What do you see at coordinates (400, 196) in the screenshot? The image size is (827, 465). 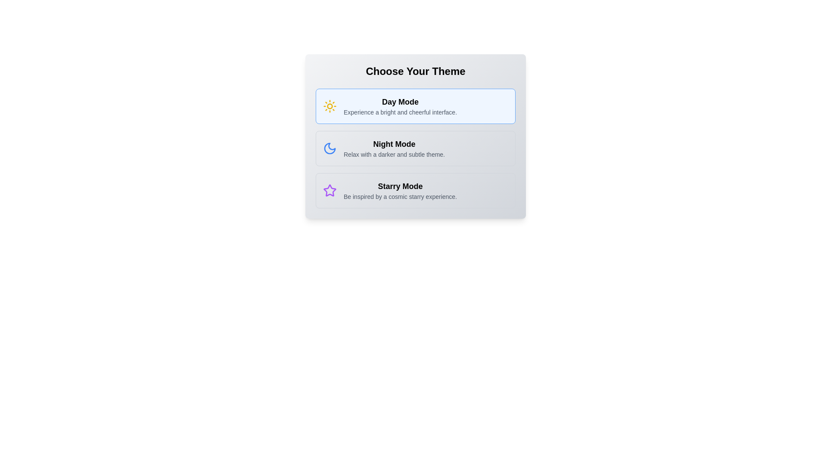 I see `the text label that describes the 'Starry Mode' option, located directly below its title in the 'Starry Mode' section` at bounding box center [400, 196].